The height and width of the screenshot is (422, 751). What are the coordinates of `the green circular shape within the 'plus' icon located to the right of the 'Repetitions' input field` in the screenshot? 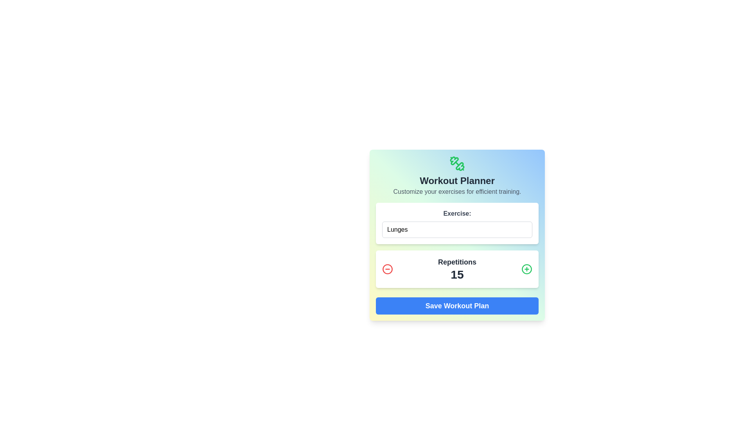 It's located at (527, 269).